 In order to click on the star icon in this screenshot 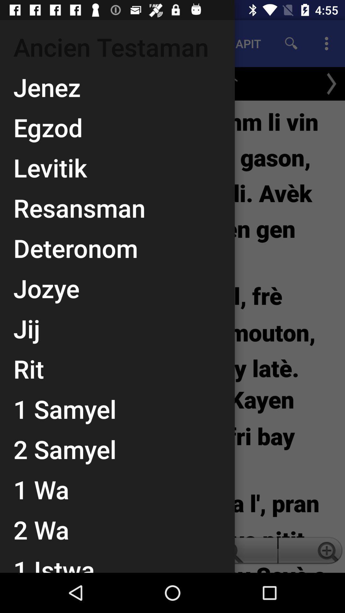, I will do `click(225, 80)`.